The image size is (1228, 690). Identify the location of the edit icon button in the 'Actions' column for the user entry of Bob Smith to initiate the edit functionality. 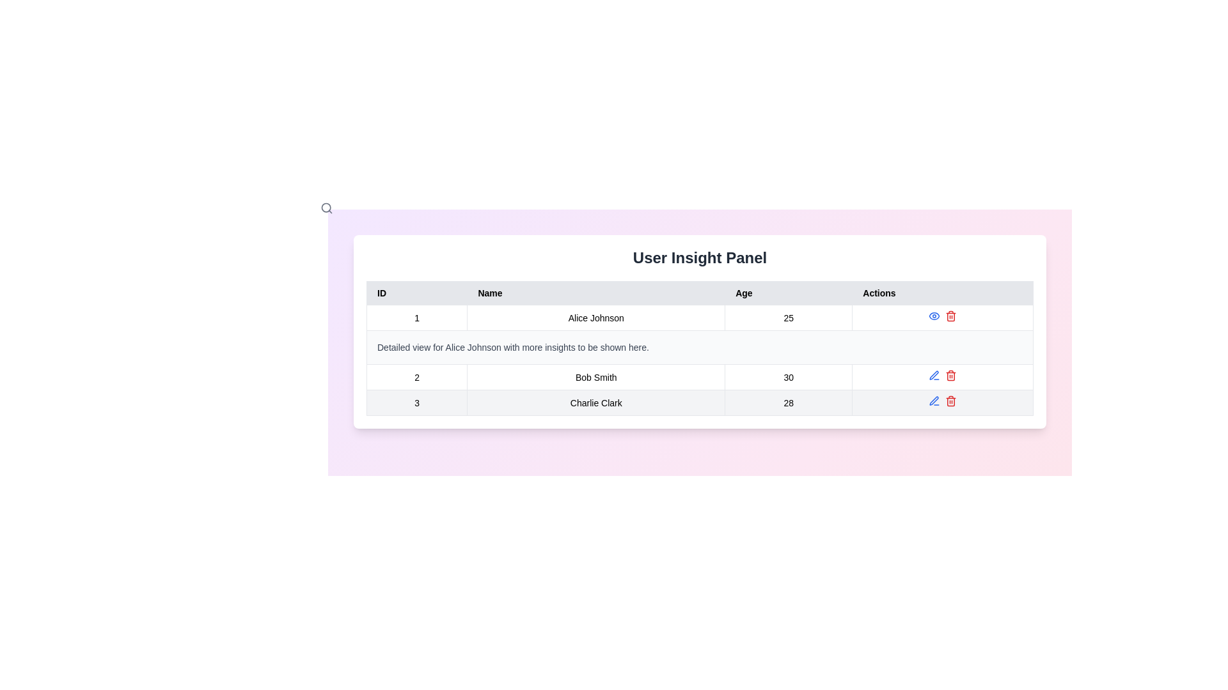
(933, 400).